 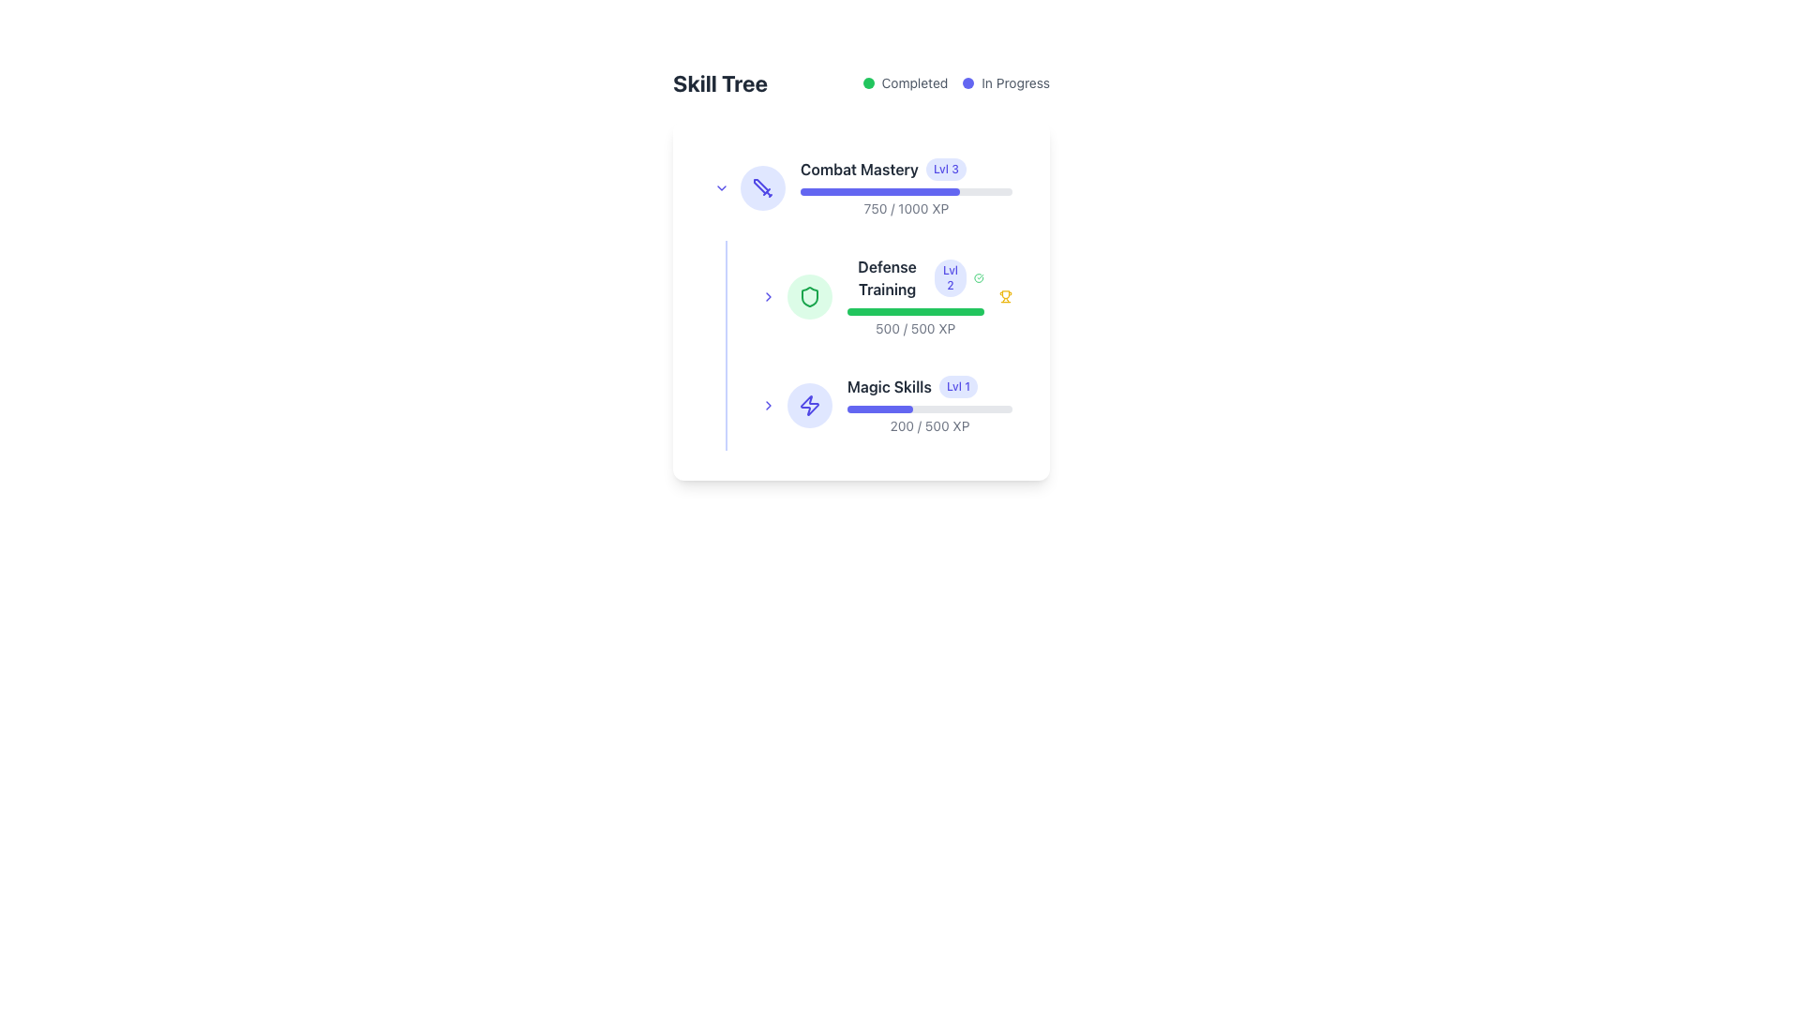 What do you see at coordinates (906, 187) in the screenshot?
I see `the Progress Bar with Labels that shows the progress of the skill 'Combat Mastery', which is centrally aligned in the first skill card of the skill tree layout` at bounding box center [906, 187].